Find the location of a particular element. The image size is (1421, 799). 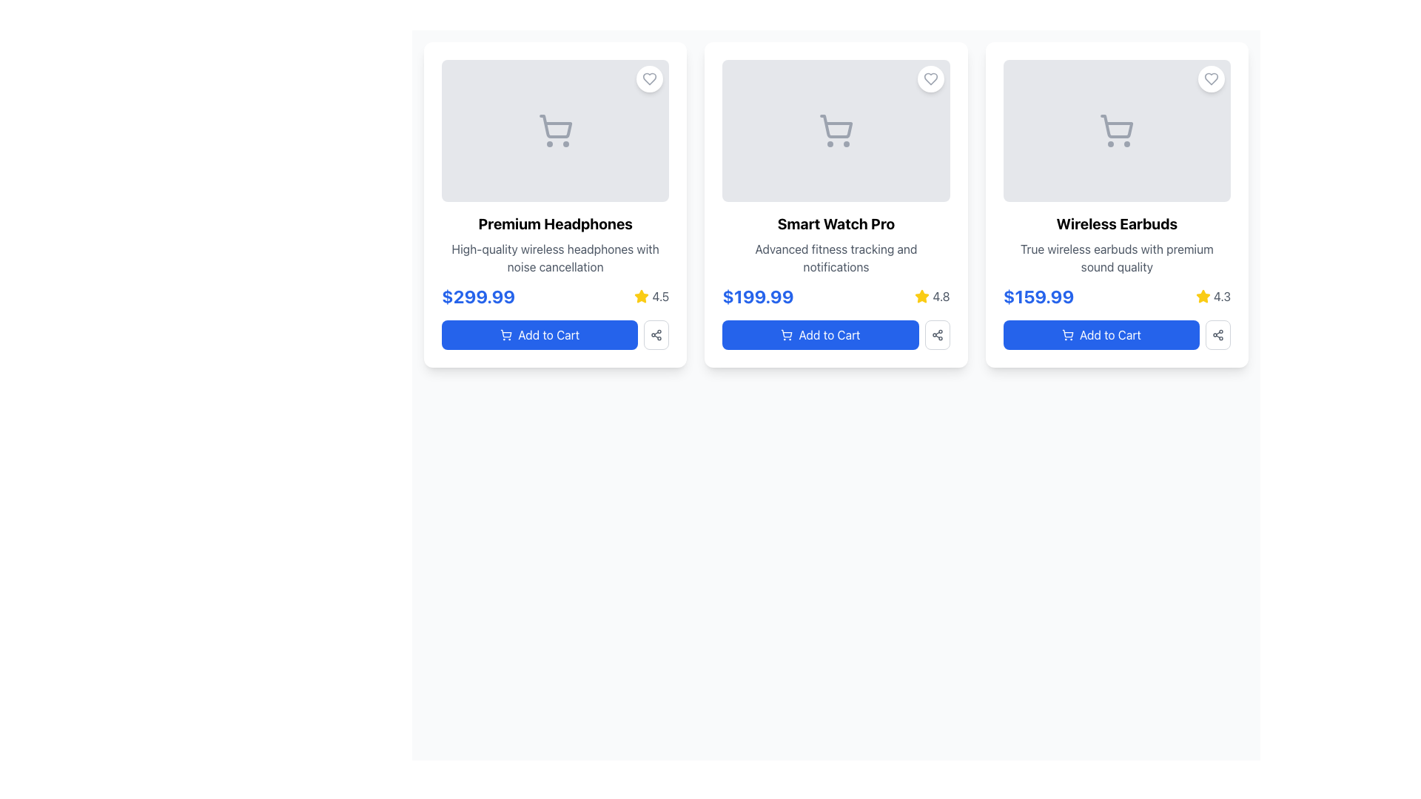

the rating display, which consists of a yellow star icon and gray text showing the number '4.3', located in the bottom-right section of the product card for 'Wireless Earbuds' is located at coordinates (1213, 297).